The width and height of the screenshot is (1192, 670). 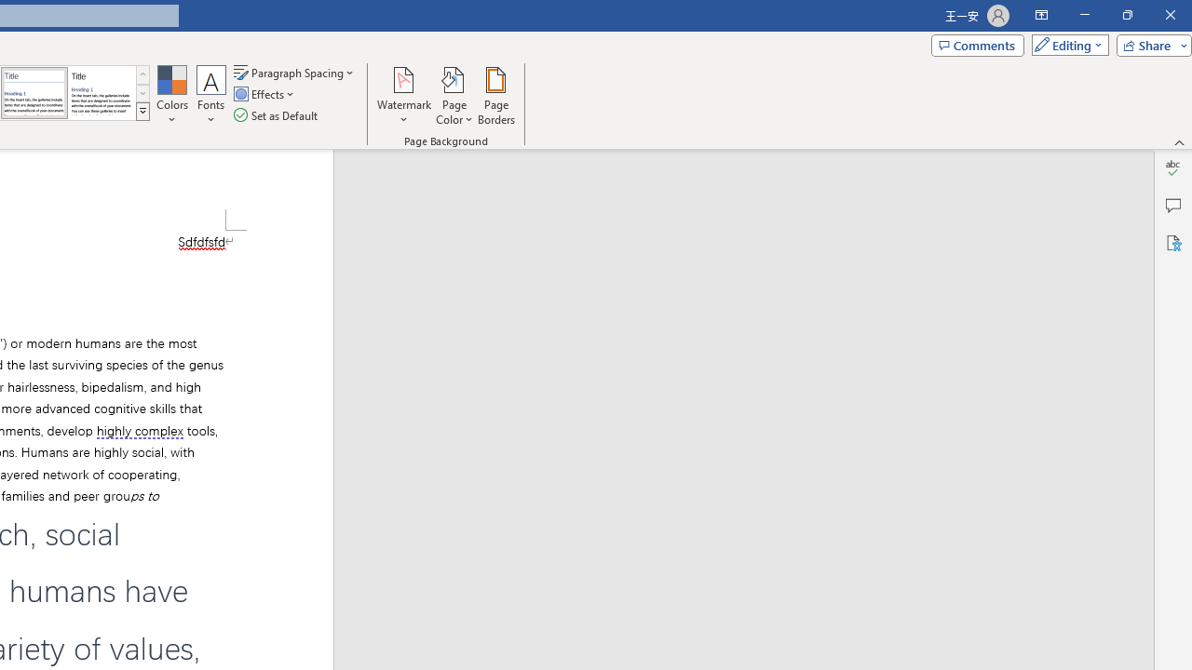 What do you see at coordinates (403, 96) in the screenshot?
I see `'Watermark'` at bounding box center [403, 96].